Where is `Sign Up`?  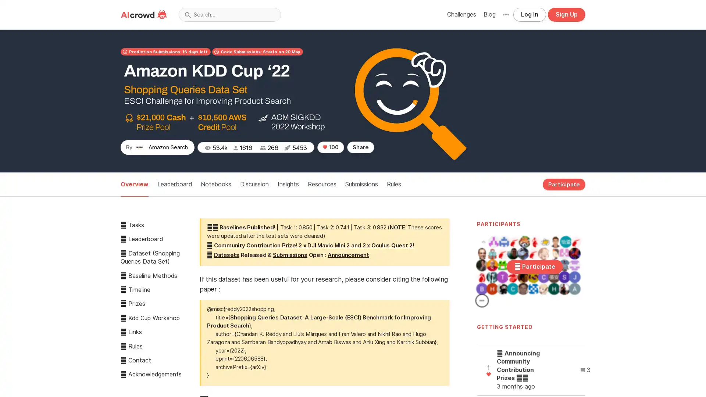
Sign Up is located at coordinates (566, 14).